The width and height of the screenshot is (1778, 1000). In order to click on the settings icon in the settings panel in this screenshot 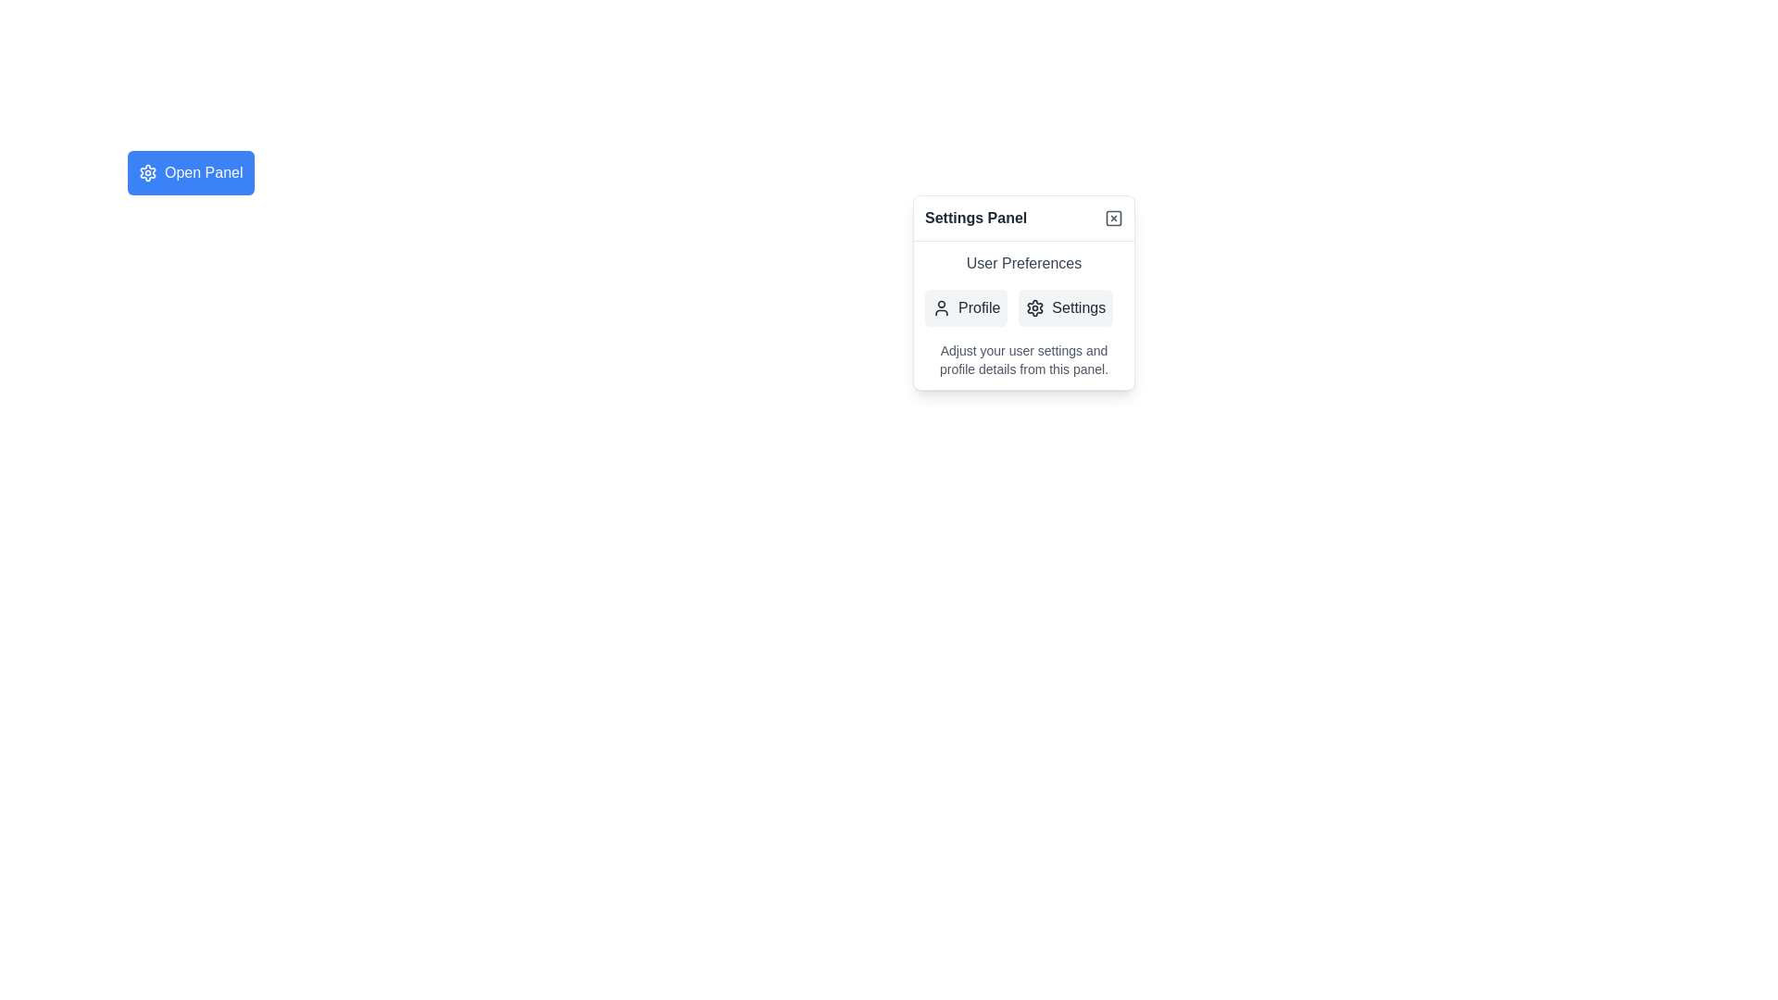, I will do `click(1034, 306)`.